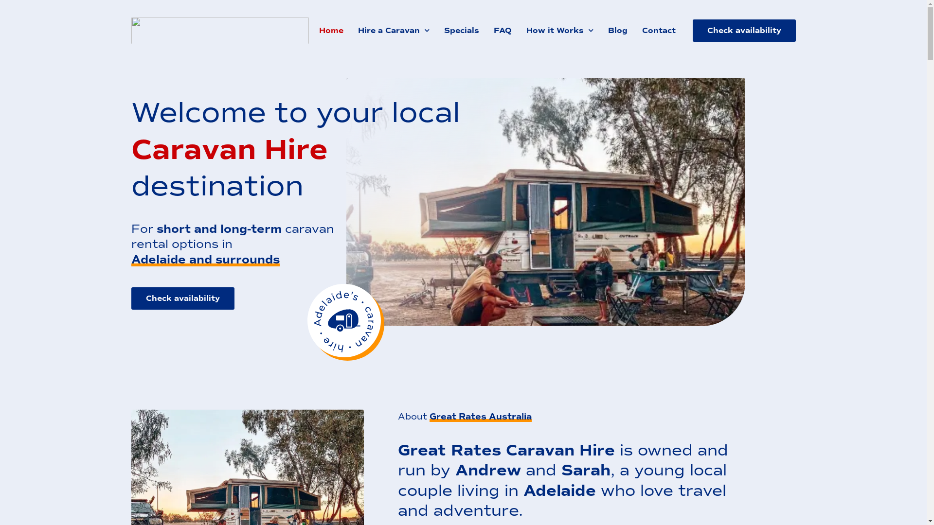 Image resolution: width=934 pixels, height=525 pixels. What do you see at coordinates (461, 30) in the screenshot?
I see `'Specials'` at bounding box center [461, 30].